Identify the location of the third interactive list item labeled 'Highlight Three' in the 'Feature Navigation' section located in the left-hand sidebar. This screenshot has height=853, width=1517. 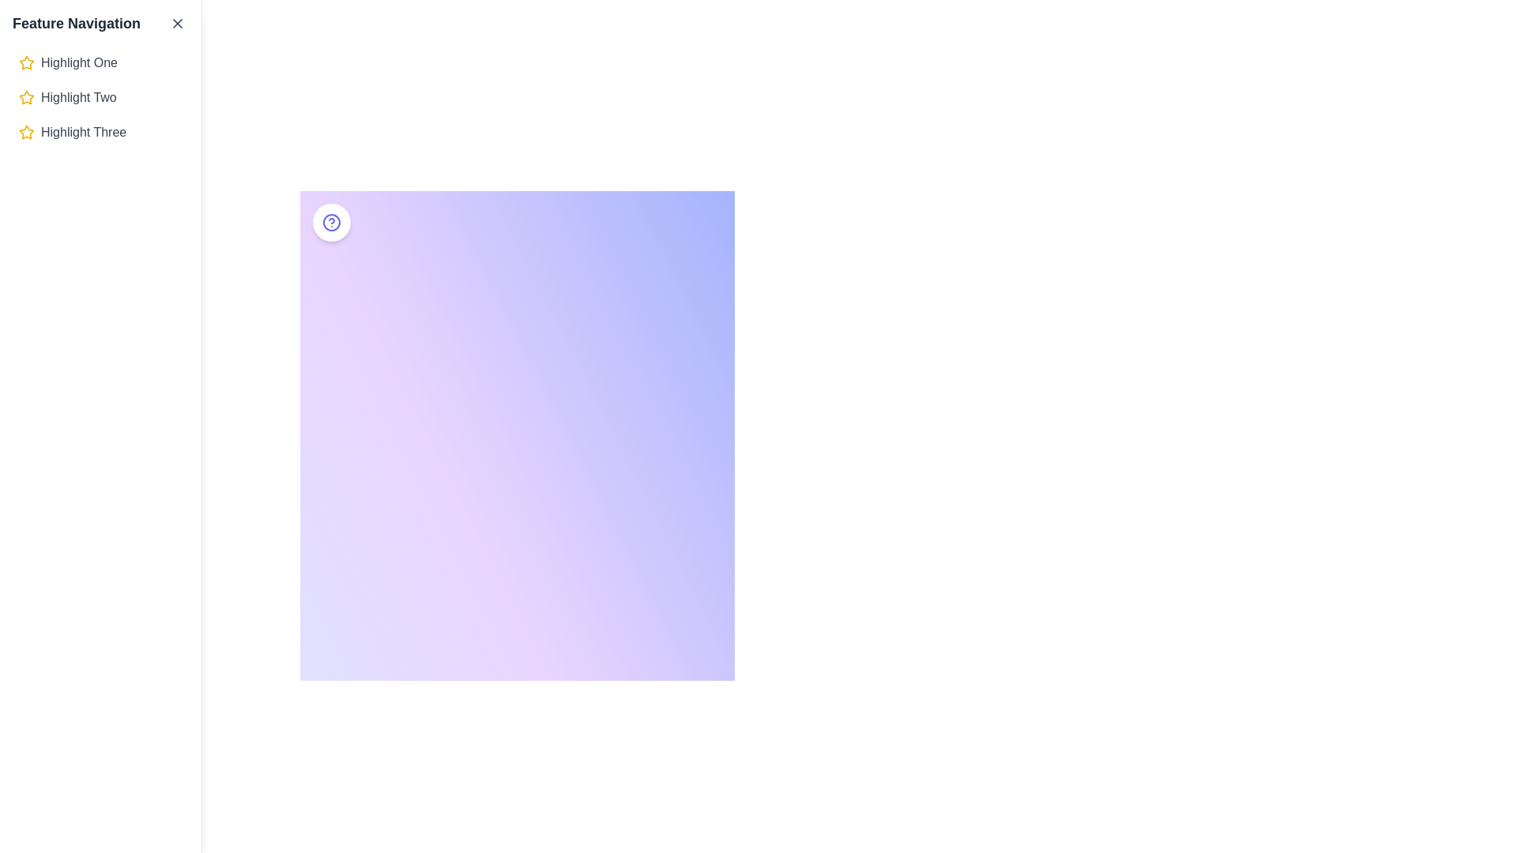
(100, 132).